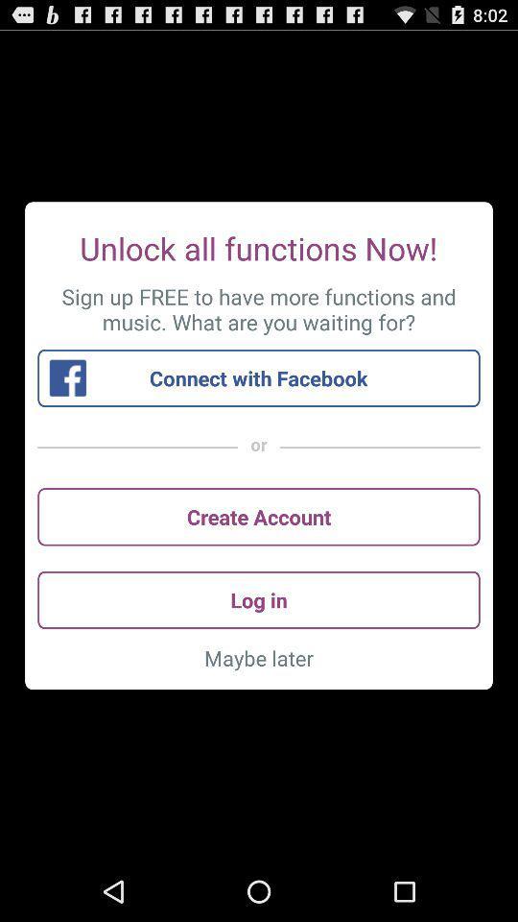 This screenshot has width=518, height=922. I want to click on the maybe later at the bottom, so click(259, 658).